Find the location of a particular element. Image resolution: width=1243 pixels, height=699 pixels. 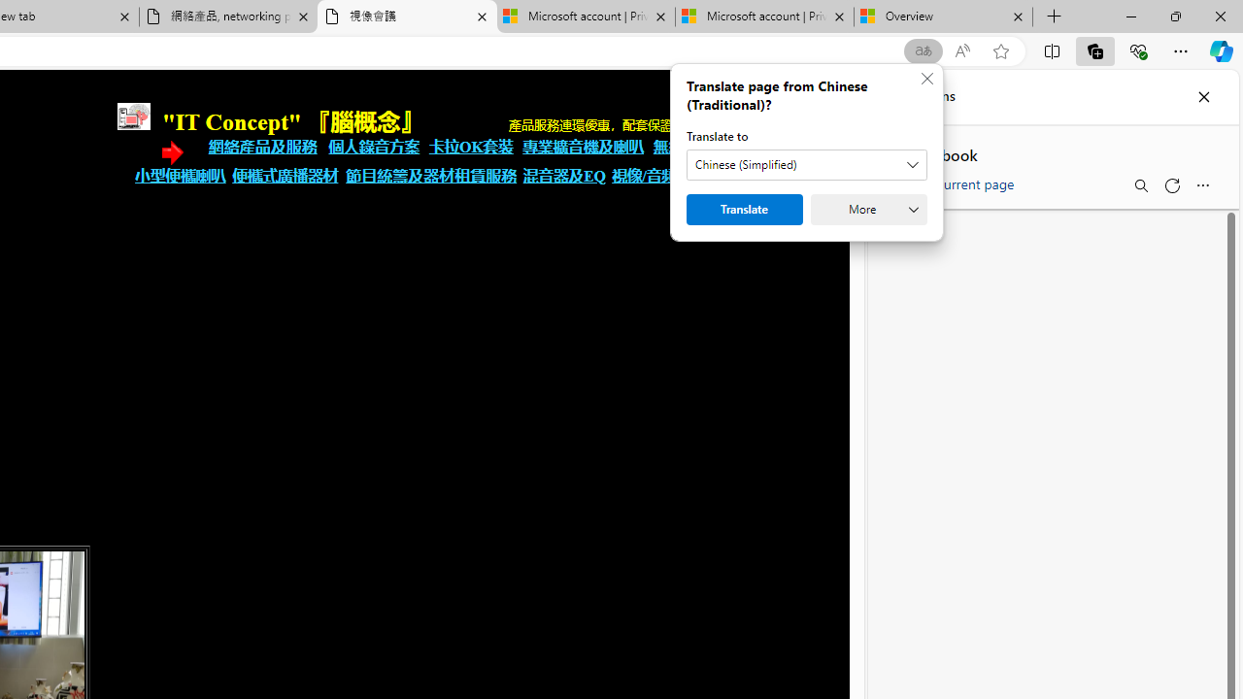

'Translate' is located at coordinates (743, 210).